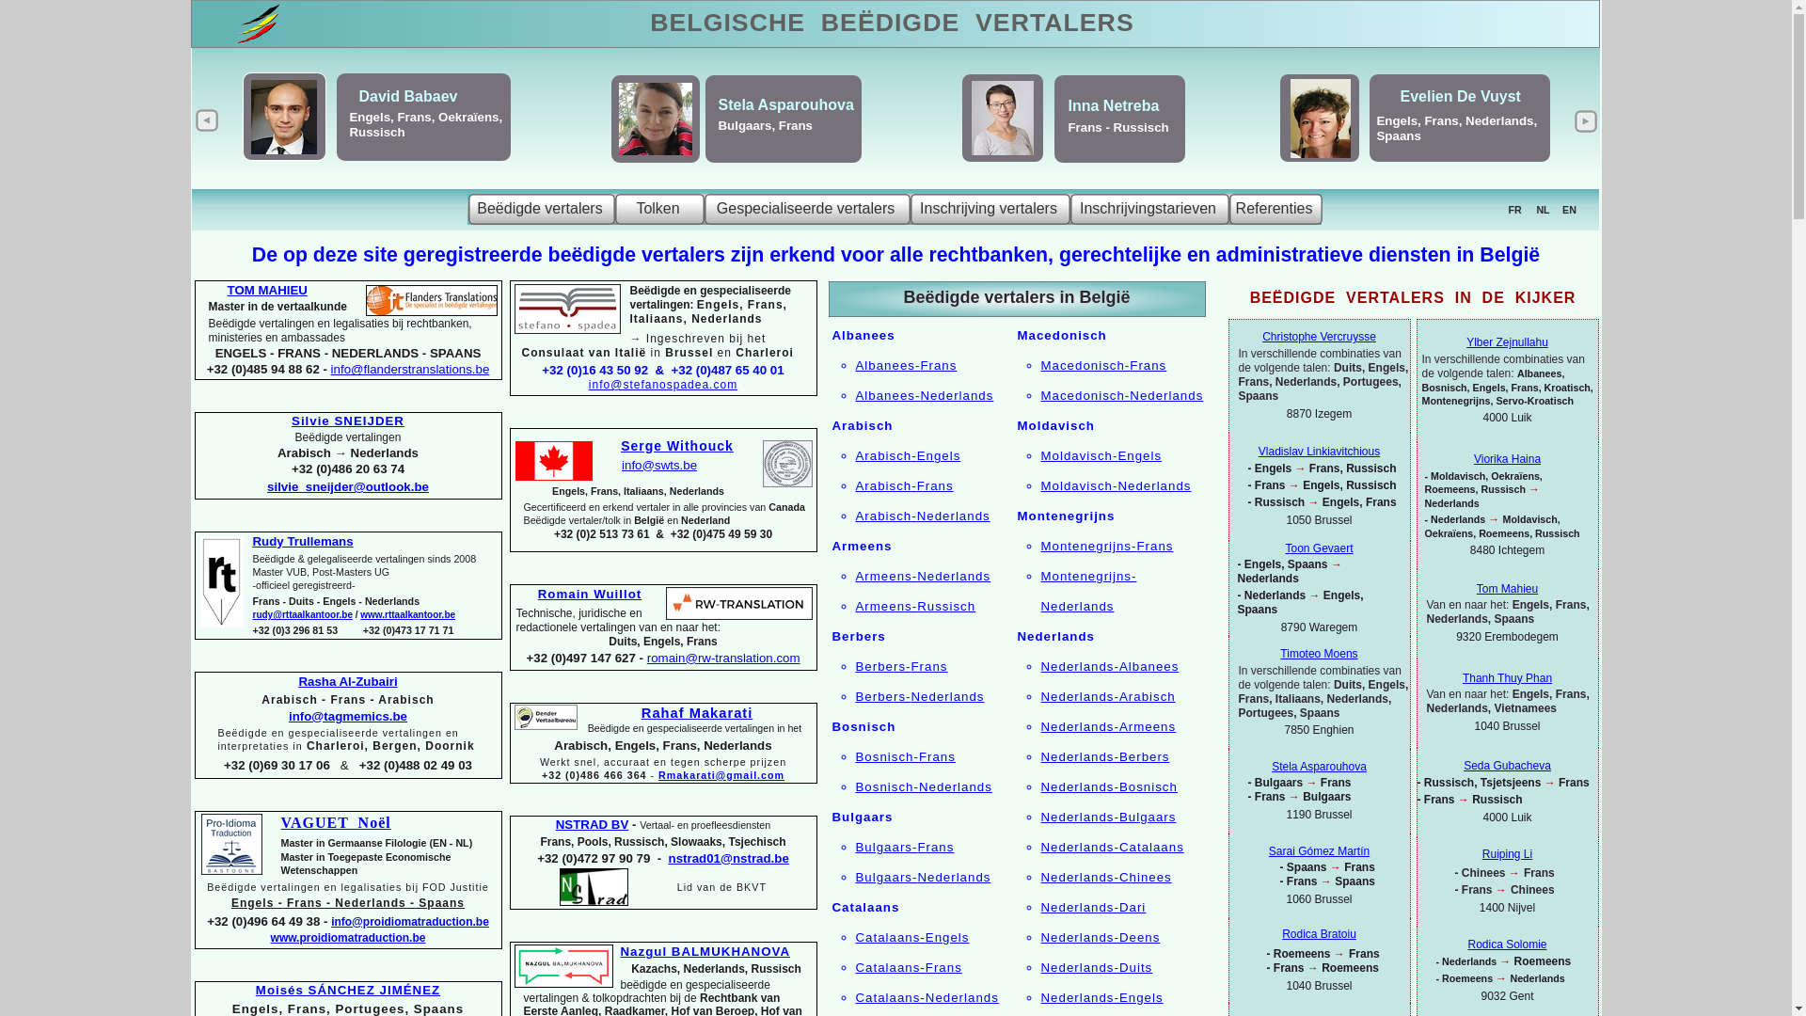 This screenshot has height=1016, width=1806. I want to click on 'Montenegrijns-Frans', so click(1106, 546).